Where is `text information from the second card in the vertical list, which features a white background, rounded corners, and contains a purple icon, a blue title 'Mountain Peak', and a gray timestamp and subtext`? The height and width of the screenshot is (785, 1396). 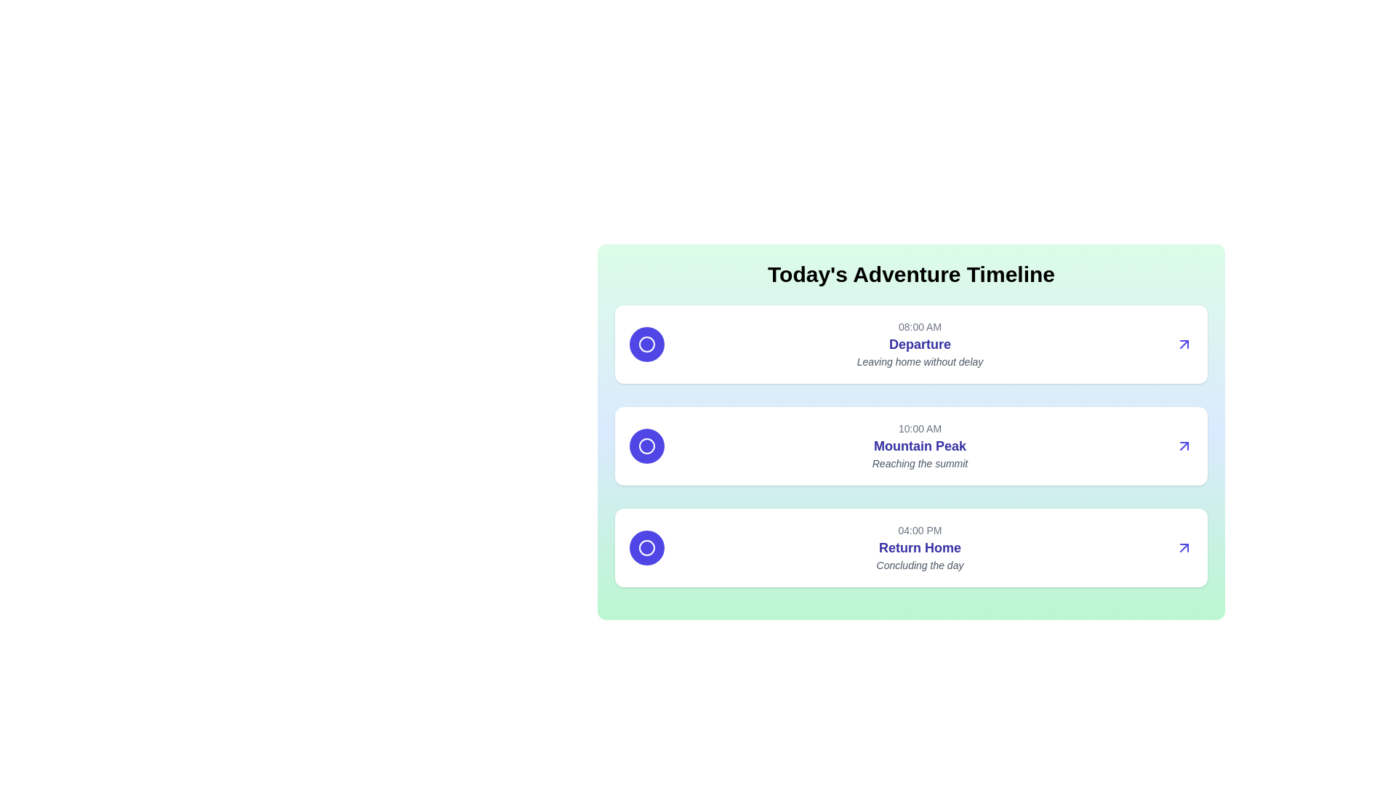 text information from the second card in the vertical list, which features a white background, rounded corners, and contains a purple icon, a blue title 'Mountain Peak', and a gray timestamp and subtext is located at coordinates (910, 445).